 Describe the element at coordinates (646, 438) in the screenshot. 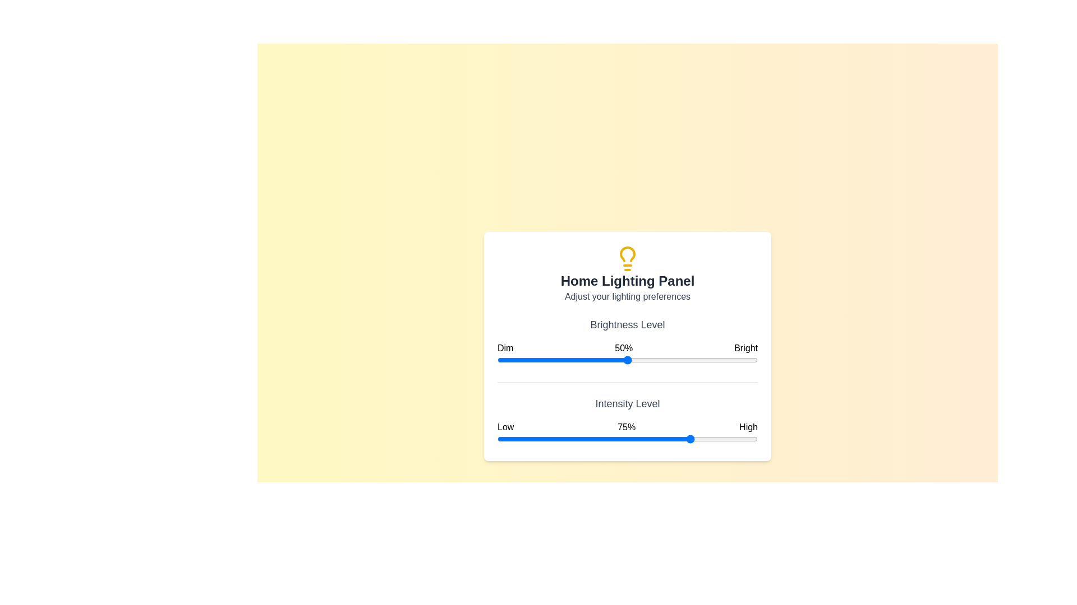

I see `the intensity level` at that location.